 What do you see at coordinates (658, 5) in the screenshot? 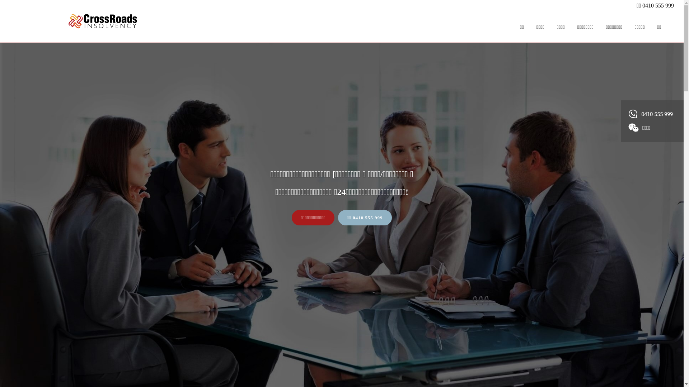
I see `'0410 555 999'` at bounding box center [658, 5].